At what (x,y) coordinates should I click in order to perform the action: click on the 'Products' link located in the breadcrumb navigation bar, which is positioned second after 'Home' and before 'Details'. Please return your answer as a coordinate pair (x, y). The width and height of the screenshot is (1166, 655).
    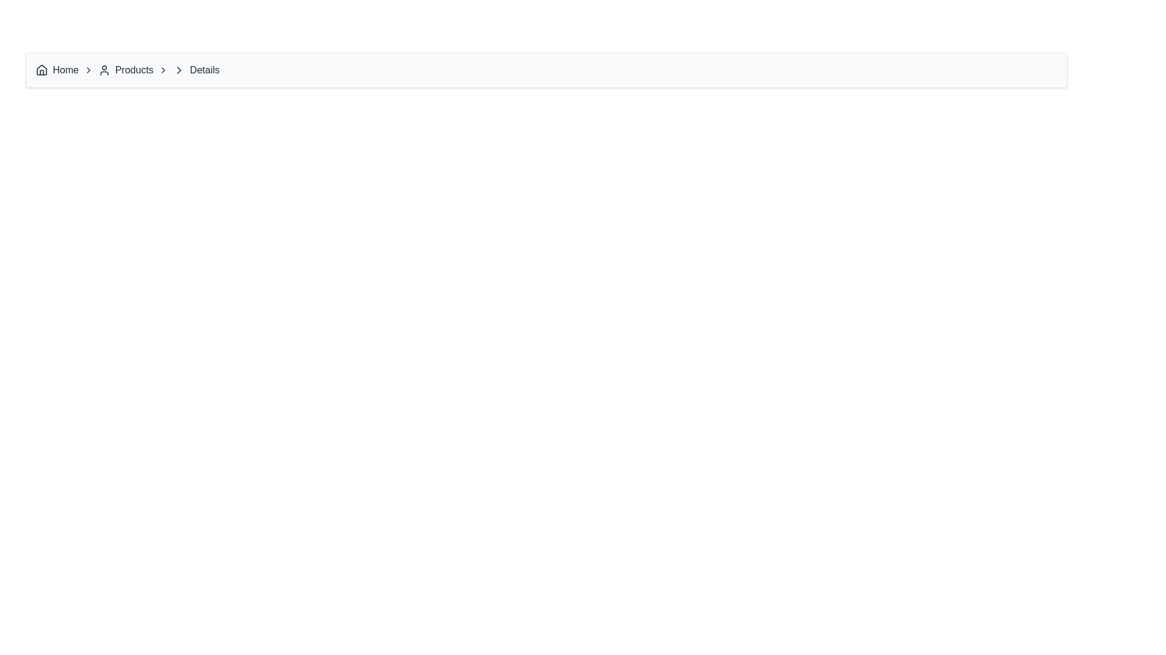
    Looking at the image, I should click on (125, 70).